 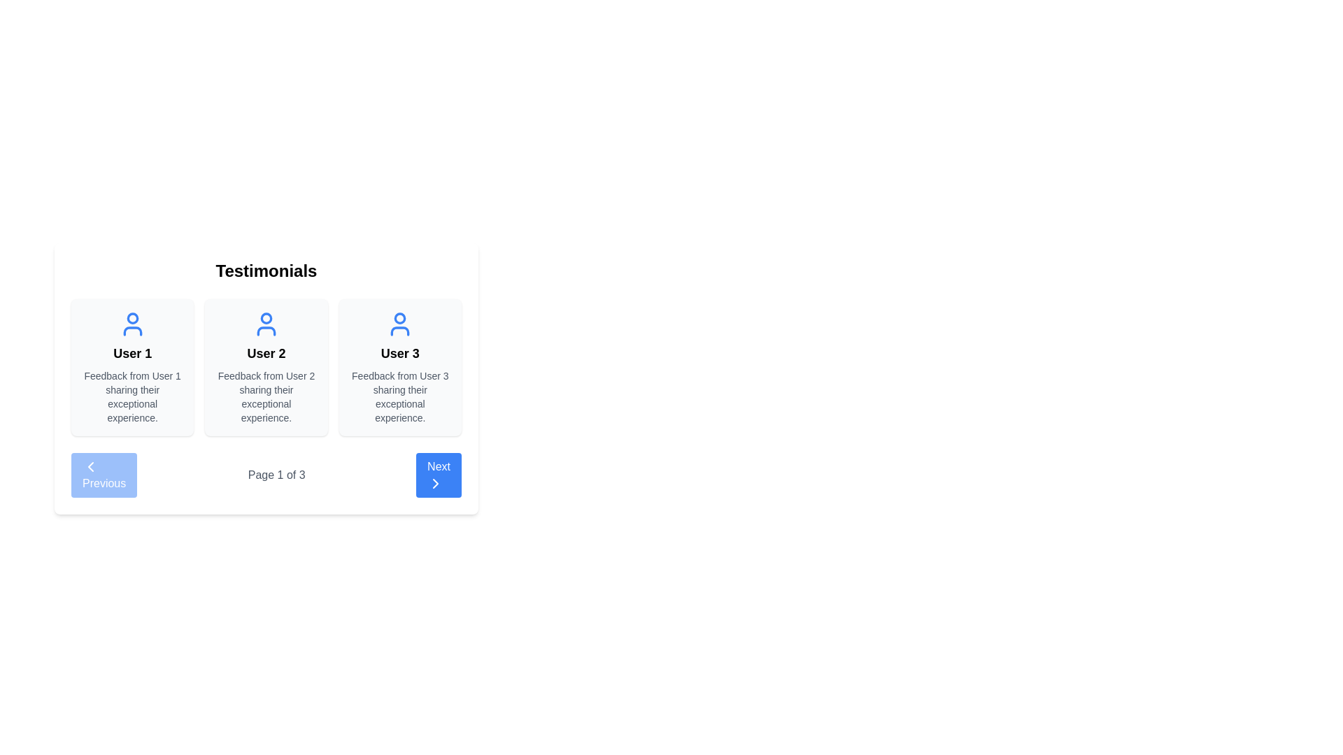 What do you see at coordinates (435, 482) in the screenshot?
I see `the forward navigation icon located inside the 'Next' button at the bottom-right corner of the interface, adjacent to the 'Next' text label` at bounding box center [435, 482].